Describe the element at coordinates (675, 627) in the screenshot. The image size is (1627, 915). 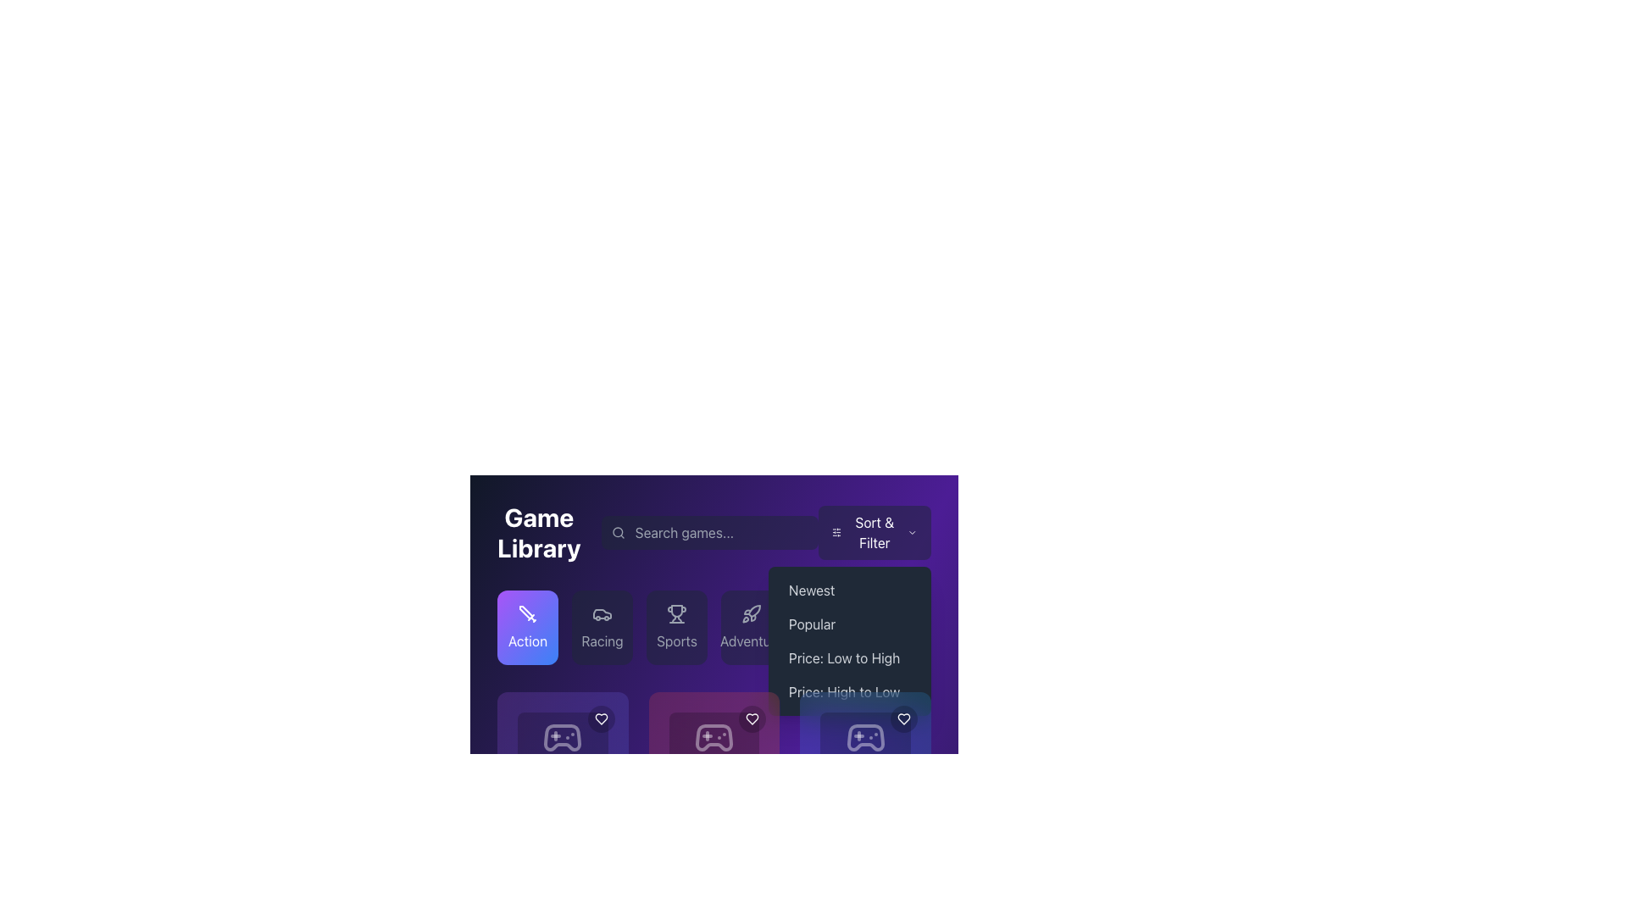
I see `the 'Sports' button, which is the third button in a grid layout, to filter or navigate to the Sports category in the game library interface` at that location.